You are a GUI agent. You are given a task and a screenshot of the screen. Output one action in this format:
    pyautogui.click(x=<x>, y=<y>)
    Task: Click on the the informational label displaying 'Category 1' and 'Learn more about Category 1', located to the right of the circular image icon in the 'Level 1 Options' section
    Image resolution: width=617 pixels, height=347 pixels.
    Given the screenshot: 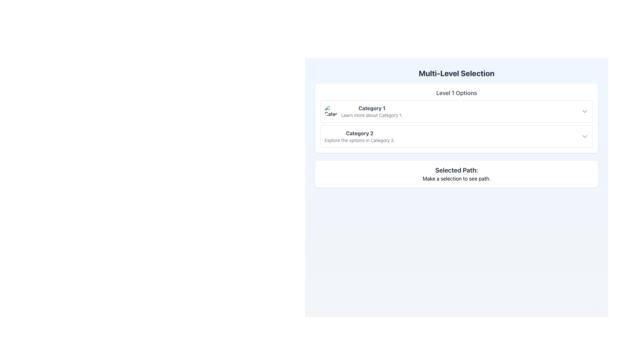 What is the action you would take?
    pyautogui.click(x=372, y=111)
    